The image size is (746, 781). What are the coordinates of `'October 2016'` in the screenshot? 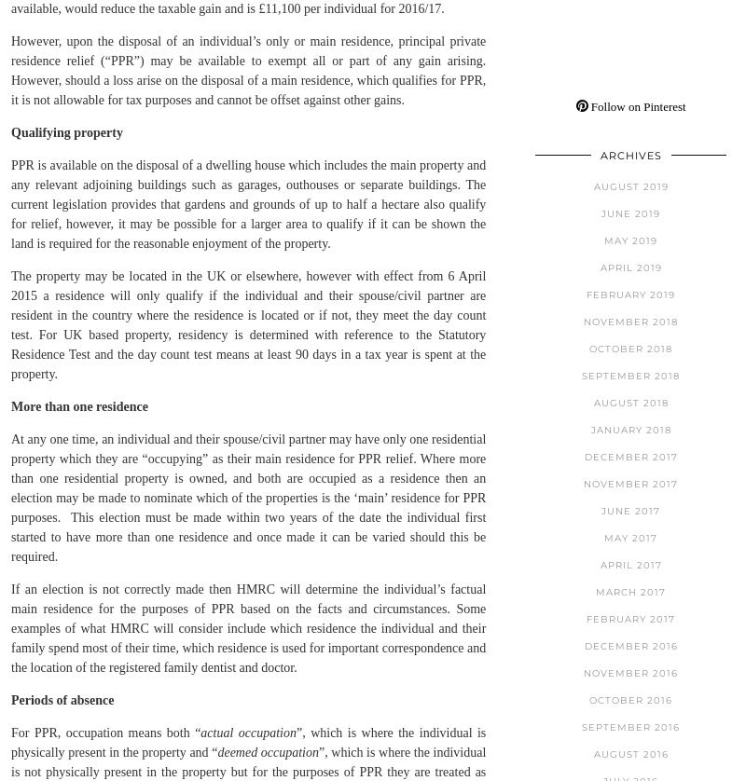 It's located at (630, 698).